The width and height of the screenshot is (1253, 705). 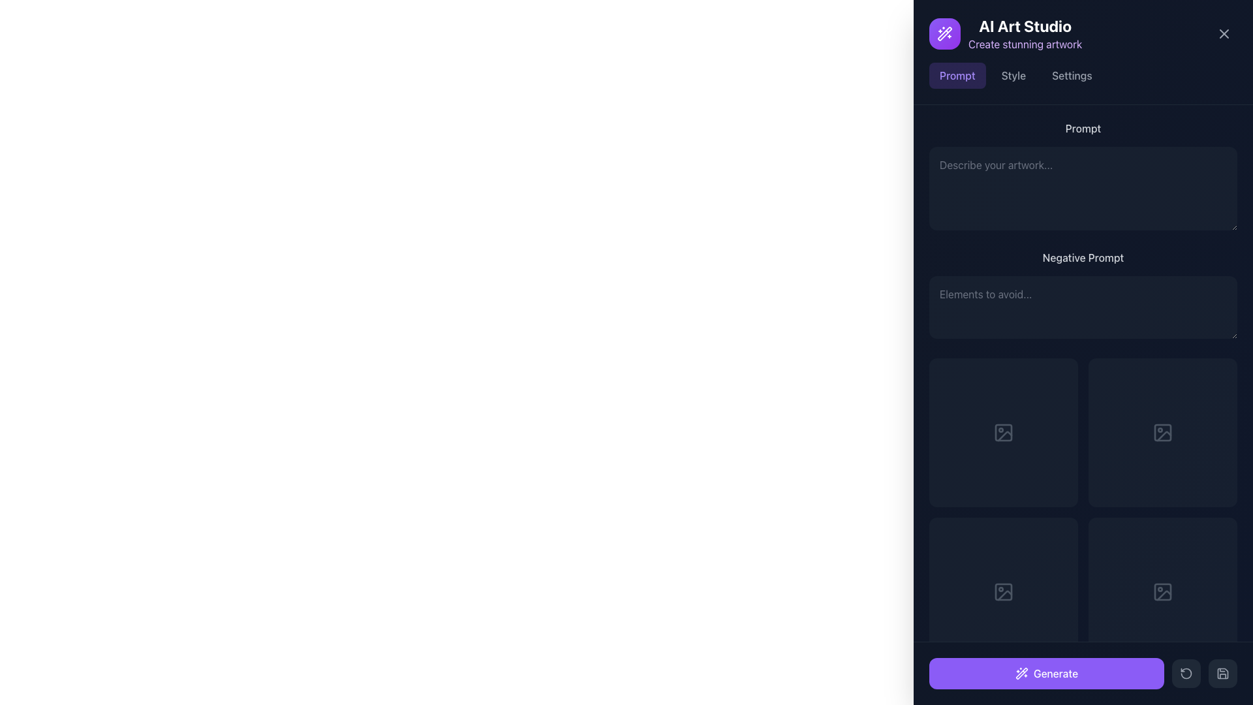 What do you see at coordinates (1025, 33) in the screenshot?
I see `the text block that displays 'AI Art Studio' and 'Create stunning artwork' positioned in the top-left corner of a dark interface panel` at bounding box center [1025, 33].